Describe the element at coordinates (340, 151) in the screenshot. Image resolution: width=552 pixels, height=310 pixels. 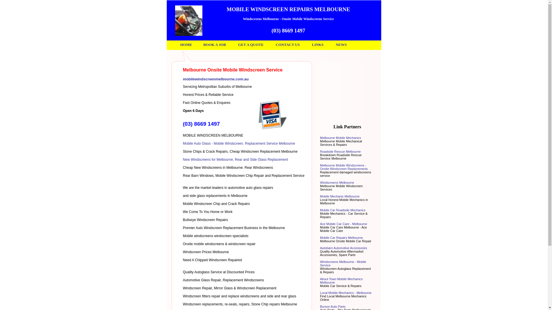
I see `'Roadside Rescue Melbourne'` at that location.